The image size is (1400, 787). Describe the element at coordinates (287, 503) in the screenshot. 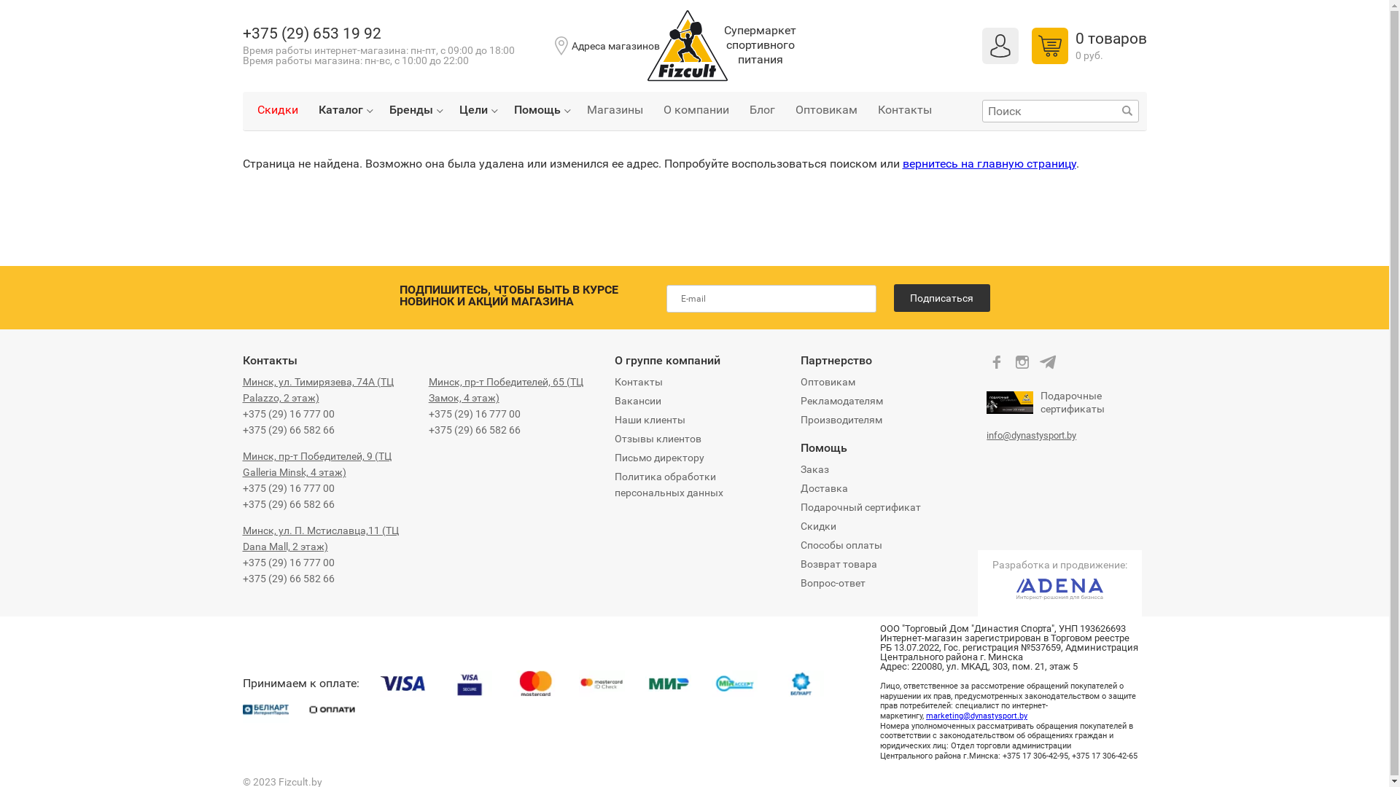

I see `'+375 (29) 66 582 66'` at that location.